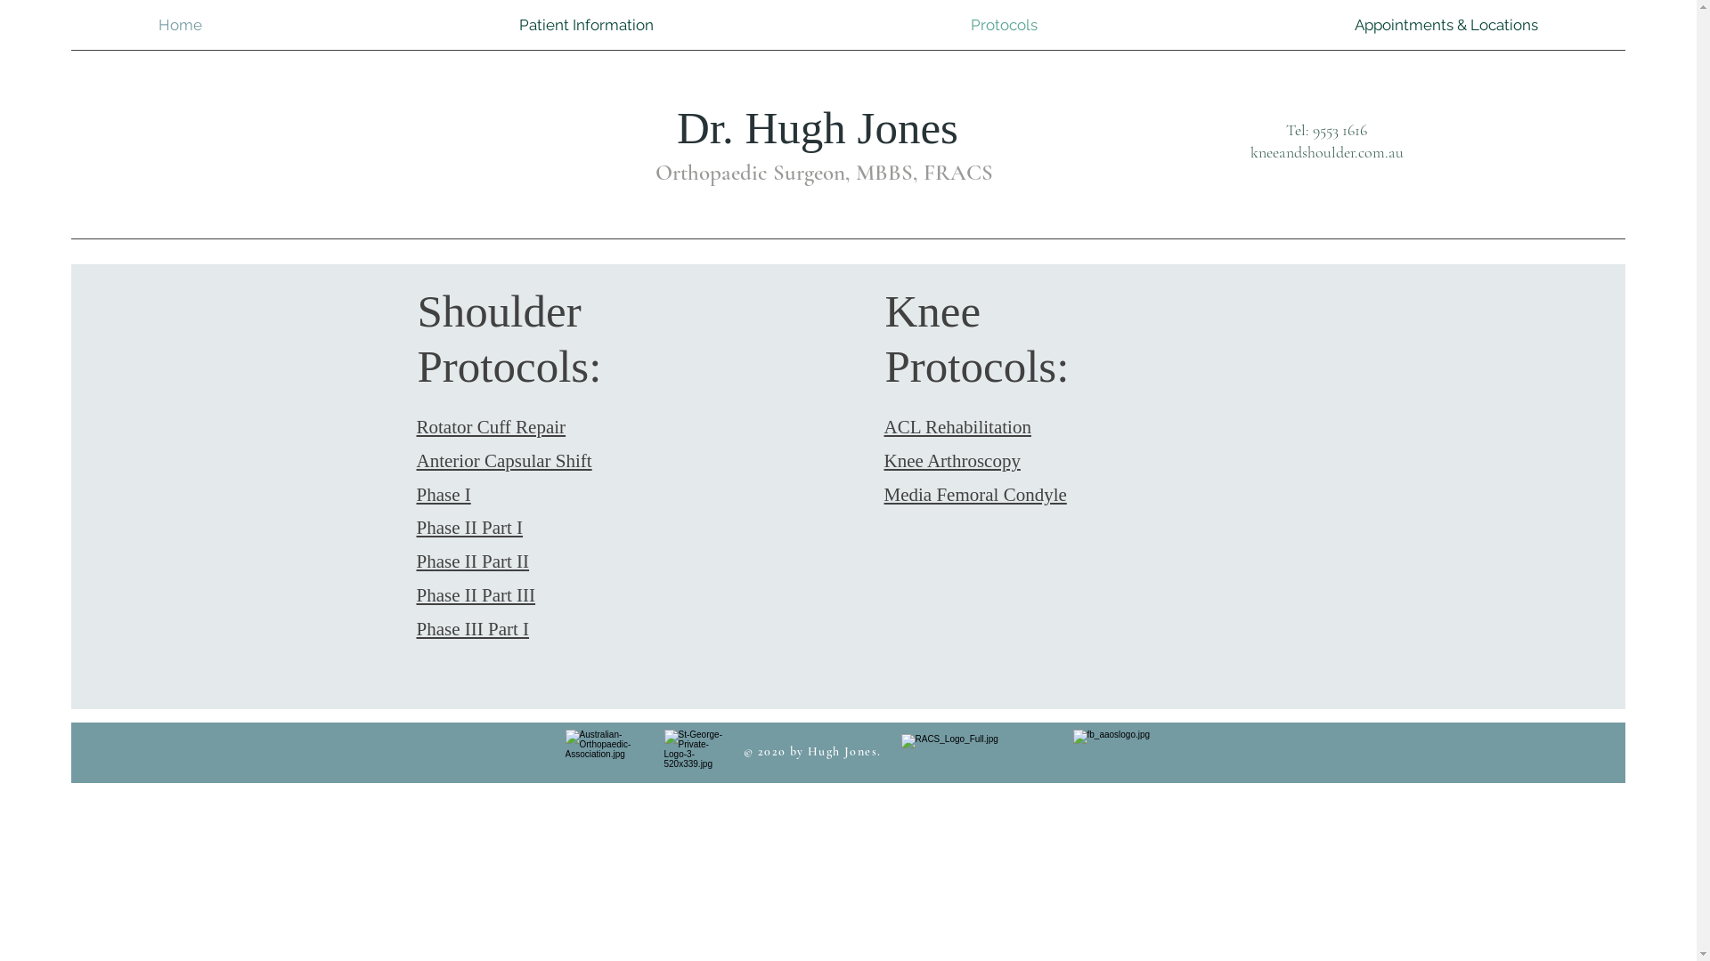  I want to click on 'Home', so click(180, 24).